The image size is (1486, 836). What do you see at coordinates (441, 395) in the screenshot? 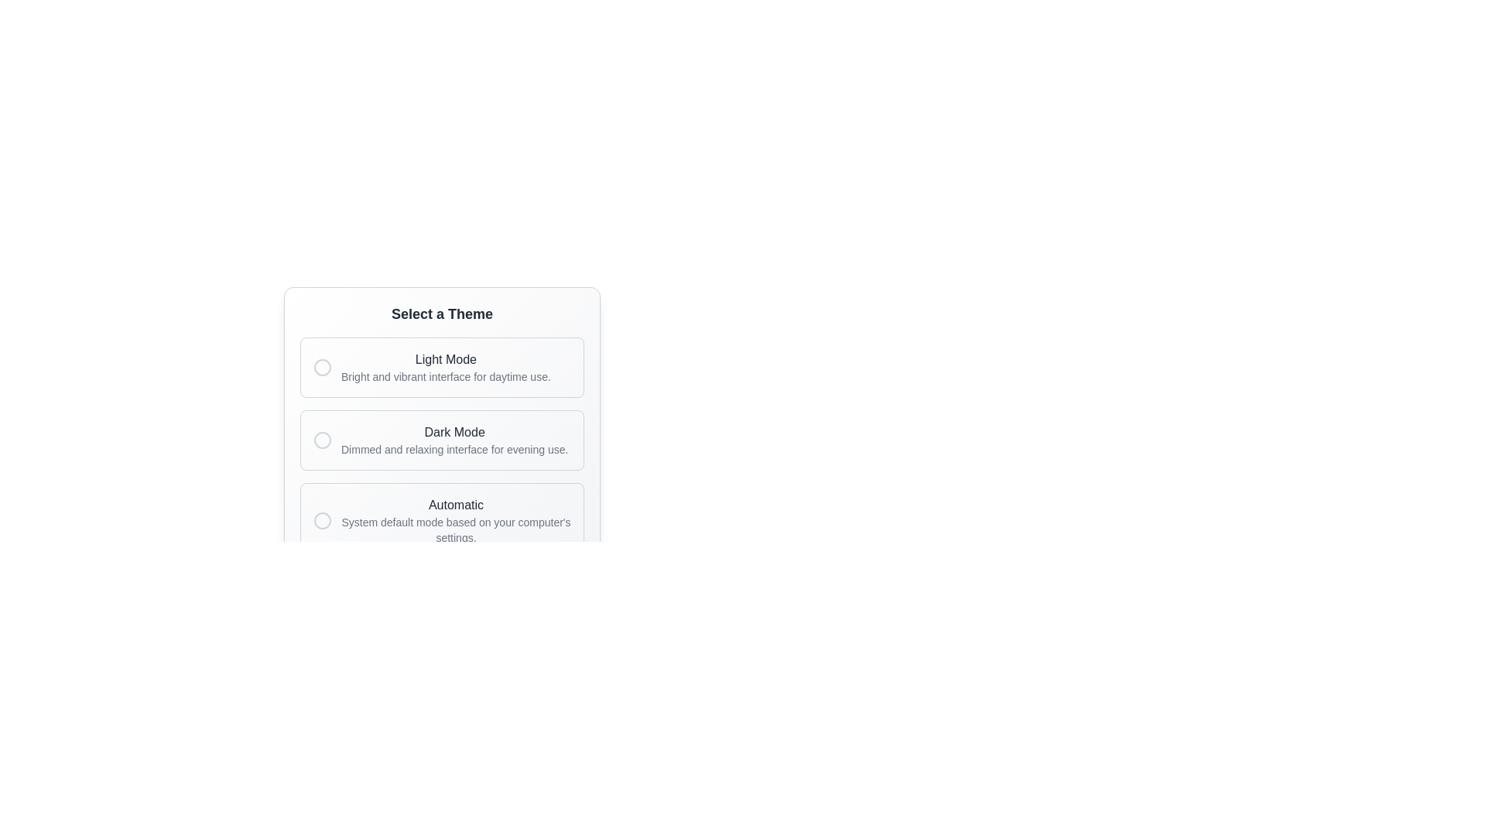
I see `the selectable theme option within the 'Select a Theme' panel to choose the desired theme` at bounding box center [441, 395].